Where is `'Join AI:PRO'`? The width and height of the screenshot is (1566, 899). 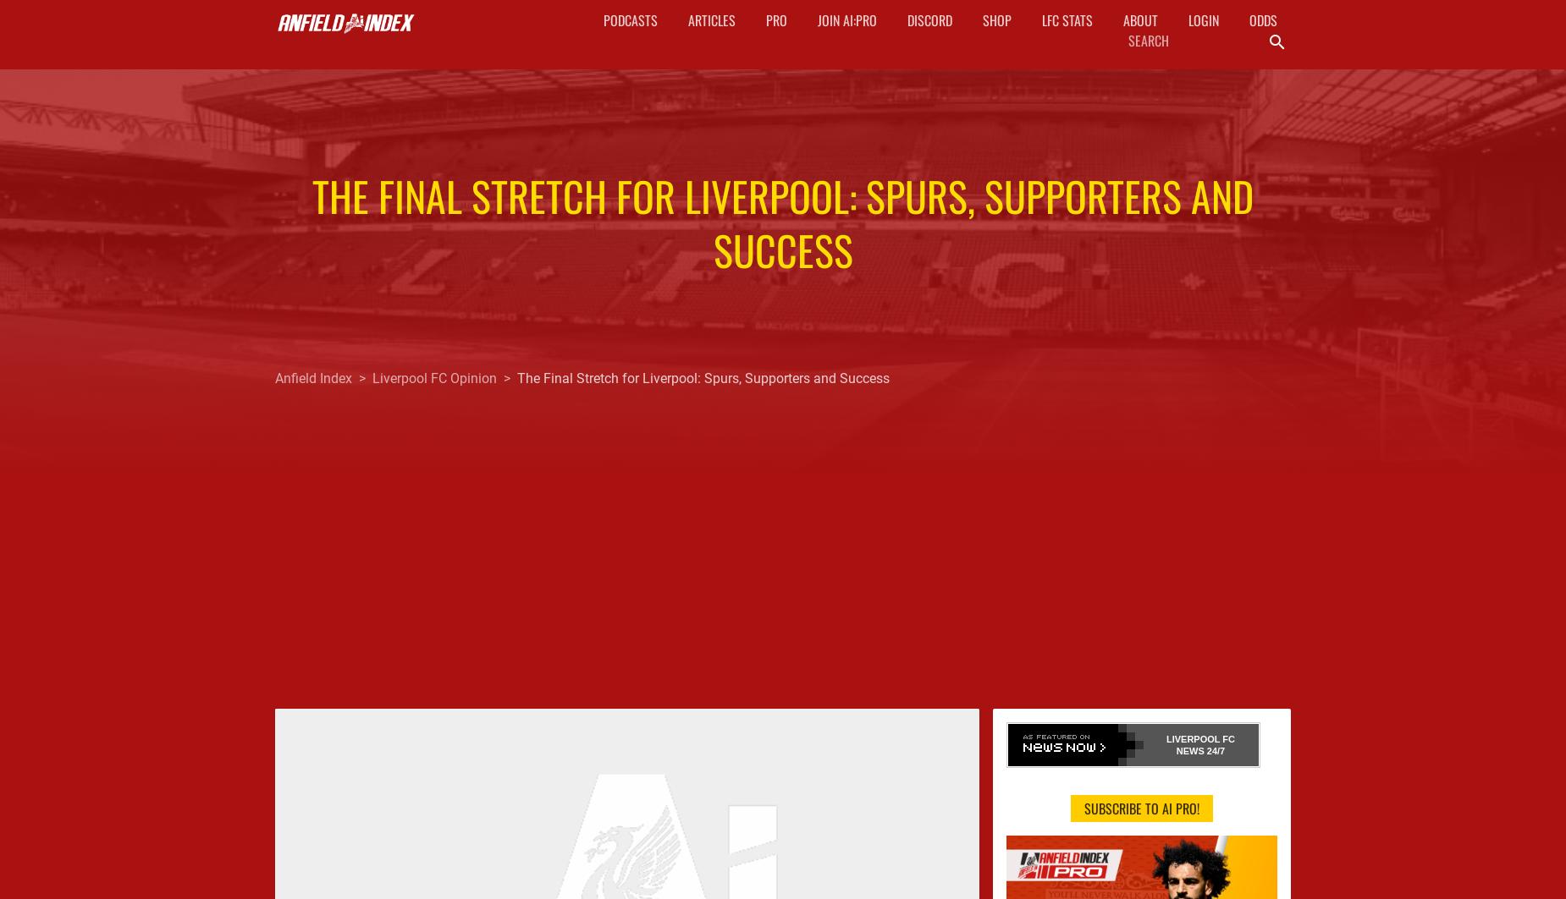
'Join AI:PRO' is located at coordinates (845, 20).